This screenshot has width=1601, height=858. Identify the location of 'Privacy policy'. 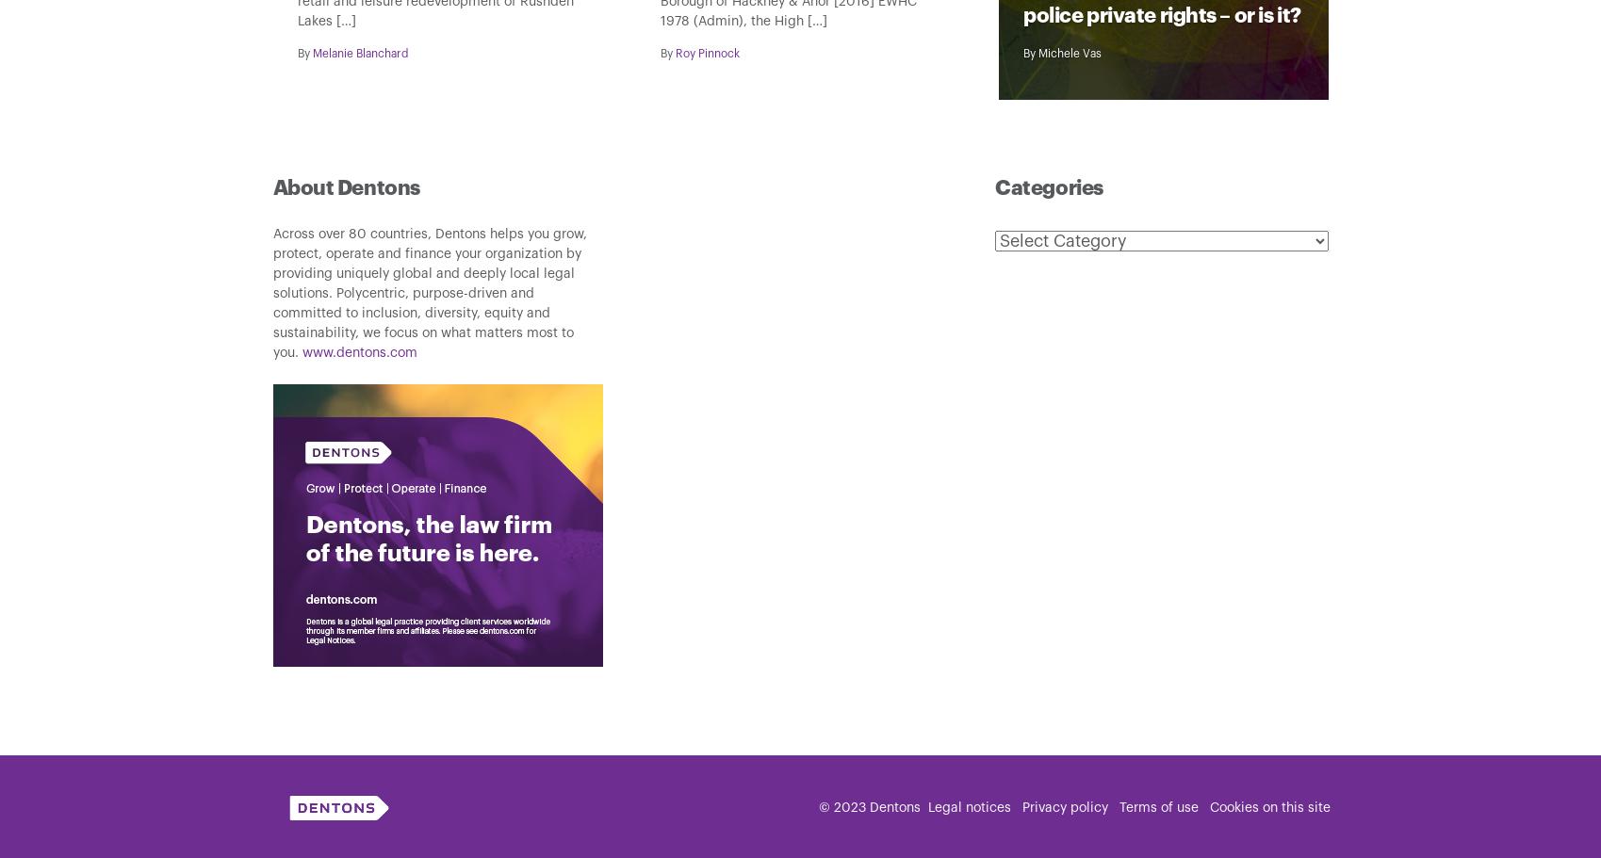
(1063, 806).